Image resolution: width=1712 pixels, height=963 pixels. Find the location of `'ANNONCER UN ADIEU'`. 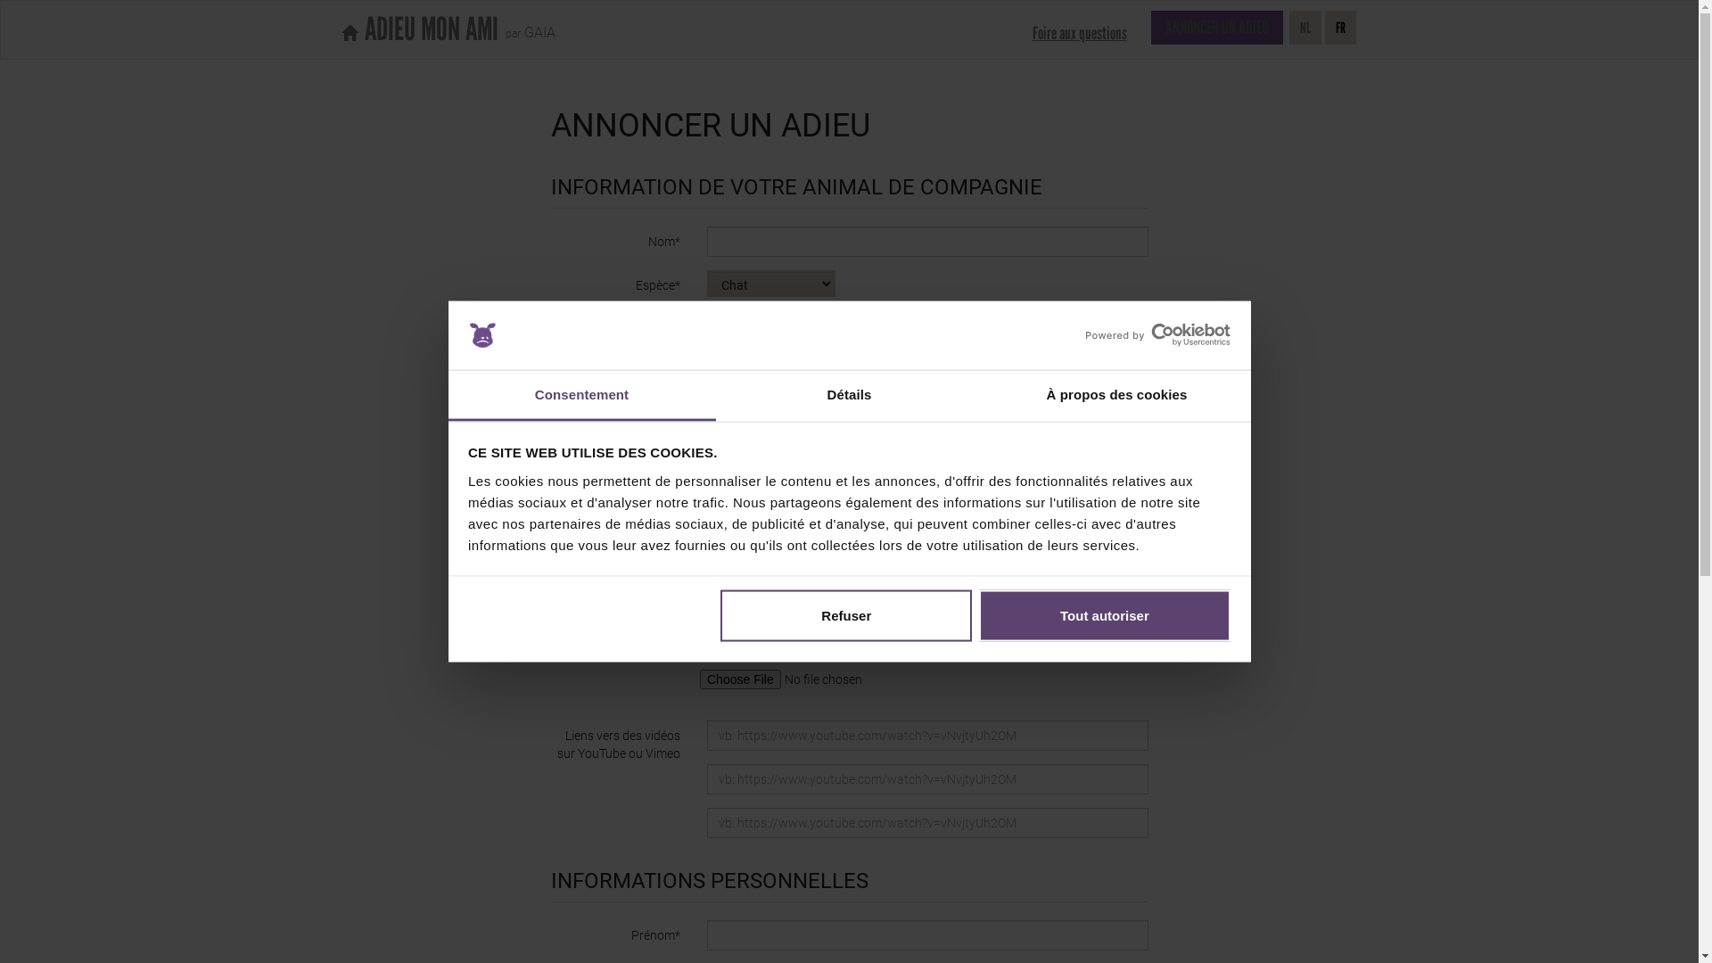

'ANNONCER UN ADIEU' is located at coordinates (1150, 27).